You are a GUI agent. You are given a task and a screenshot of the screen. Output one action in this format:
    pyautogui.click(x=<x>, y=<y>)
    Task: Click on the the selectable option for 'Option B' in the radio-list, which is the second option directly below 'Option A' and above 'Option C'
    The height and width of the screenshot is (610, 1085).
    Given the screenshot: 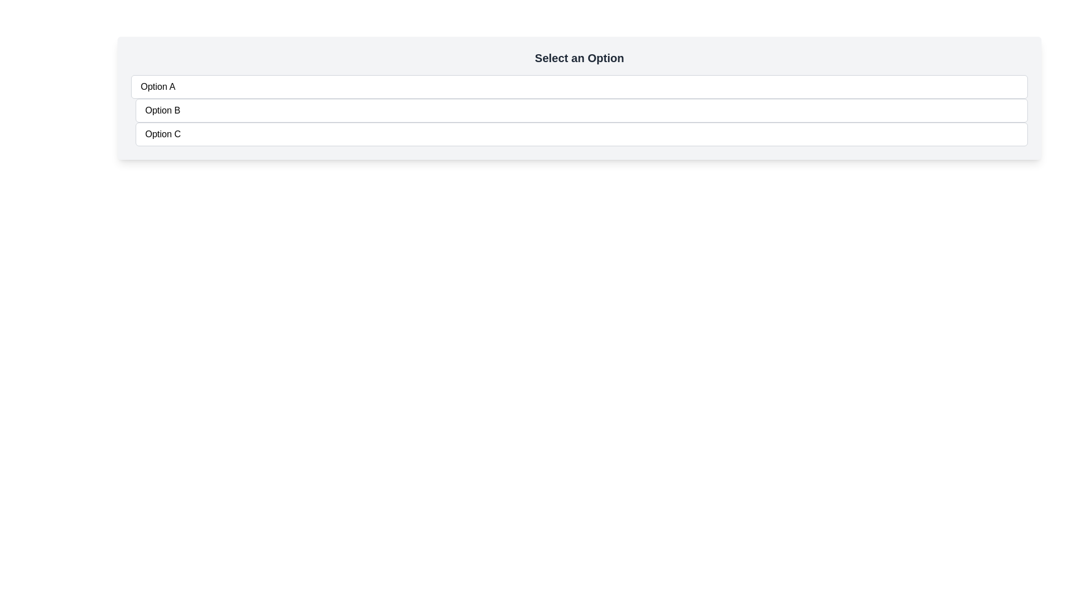 What is the action you would take?
    pyautogui.click(x=581, y=111)
    